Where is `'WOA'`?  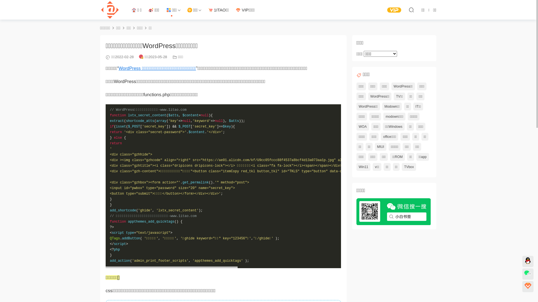
'WOA' is located at coordinates (363, 126).